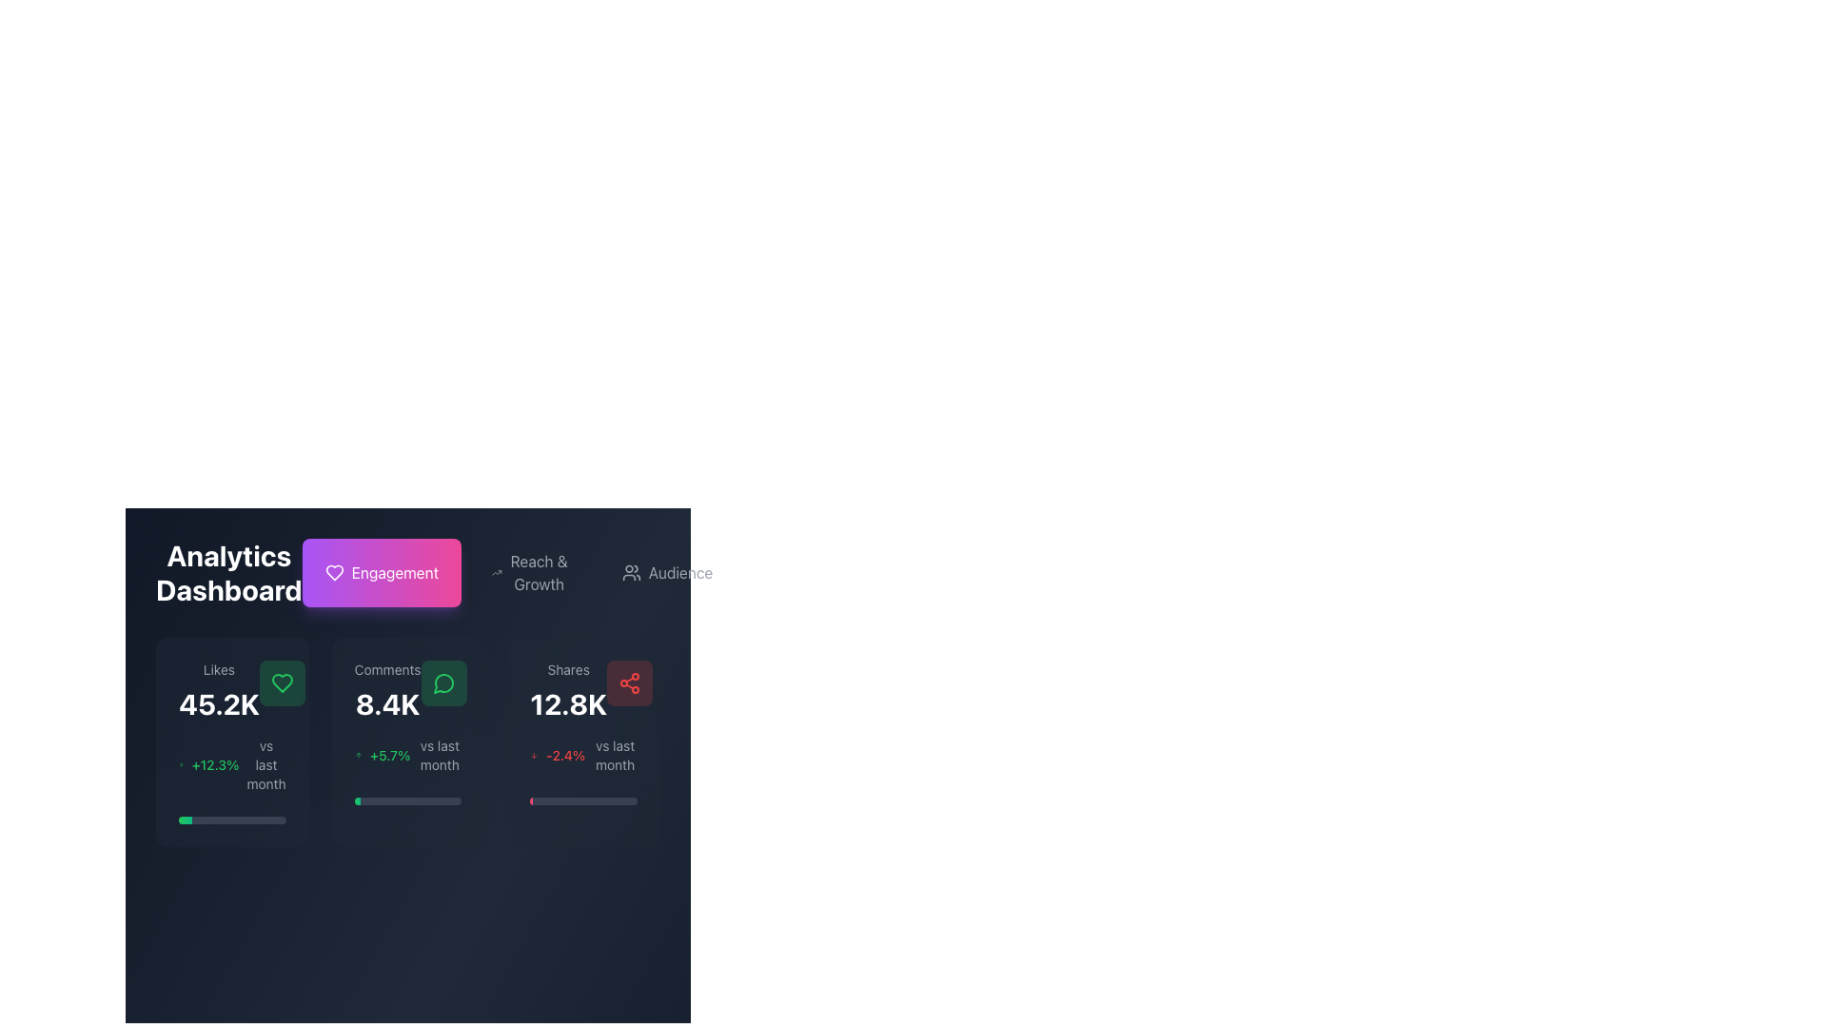  I want to click on the heart icon representing the 'likes' indicator located in the top-left corner of the 'Likes' card on the dashboard, so click(281, 682).